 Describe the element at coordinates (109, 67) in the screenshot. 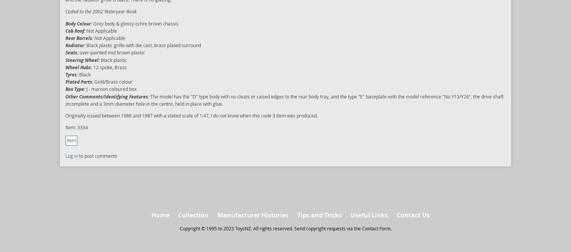

I see `'12 spoke, Brass'` at that location.